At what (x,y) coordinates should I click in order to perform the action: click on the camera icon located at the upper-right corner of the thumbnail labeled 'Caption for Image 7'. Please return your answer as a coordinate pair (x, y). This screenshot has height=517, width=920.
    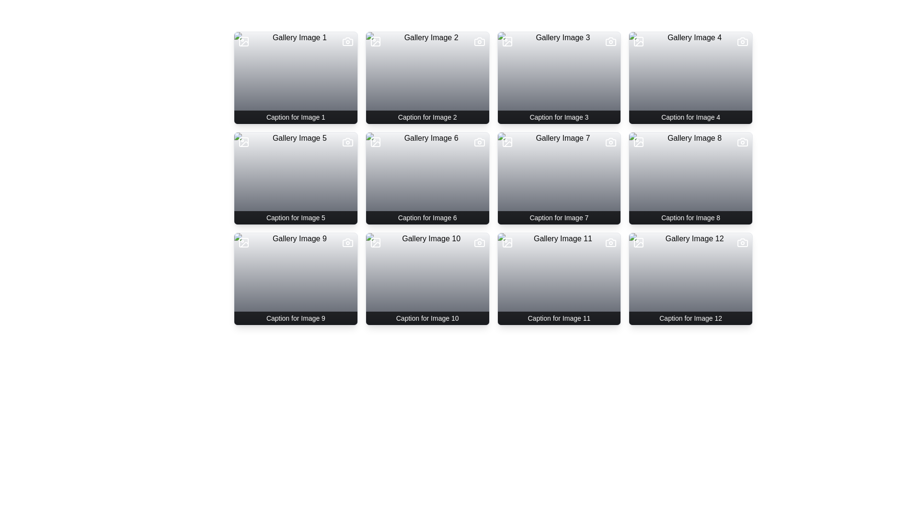
    Looking at the image, I should click on (610, 142).